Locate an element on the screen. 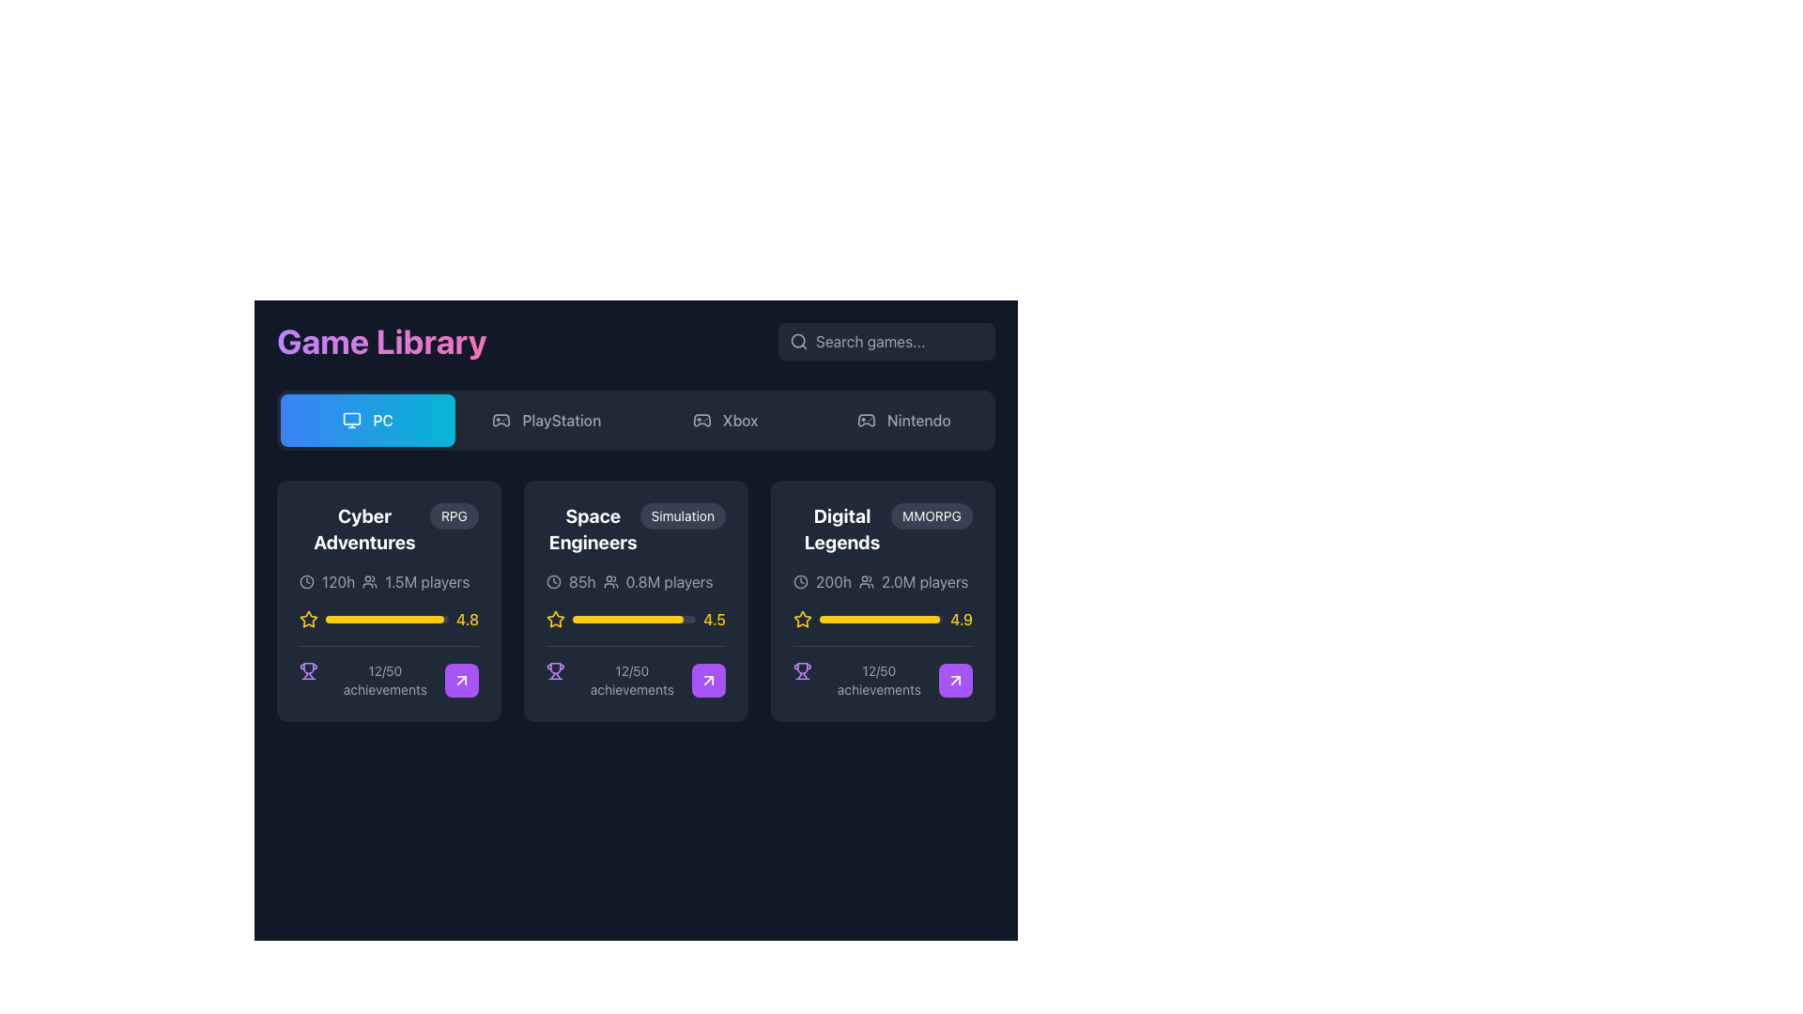 Image resolution: width=1803 pixels, height=1014 pixels. the 'PlayStation' Text button in the platform selection menu is located at coordinates (561, 419).